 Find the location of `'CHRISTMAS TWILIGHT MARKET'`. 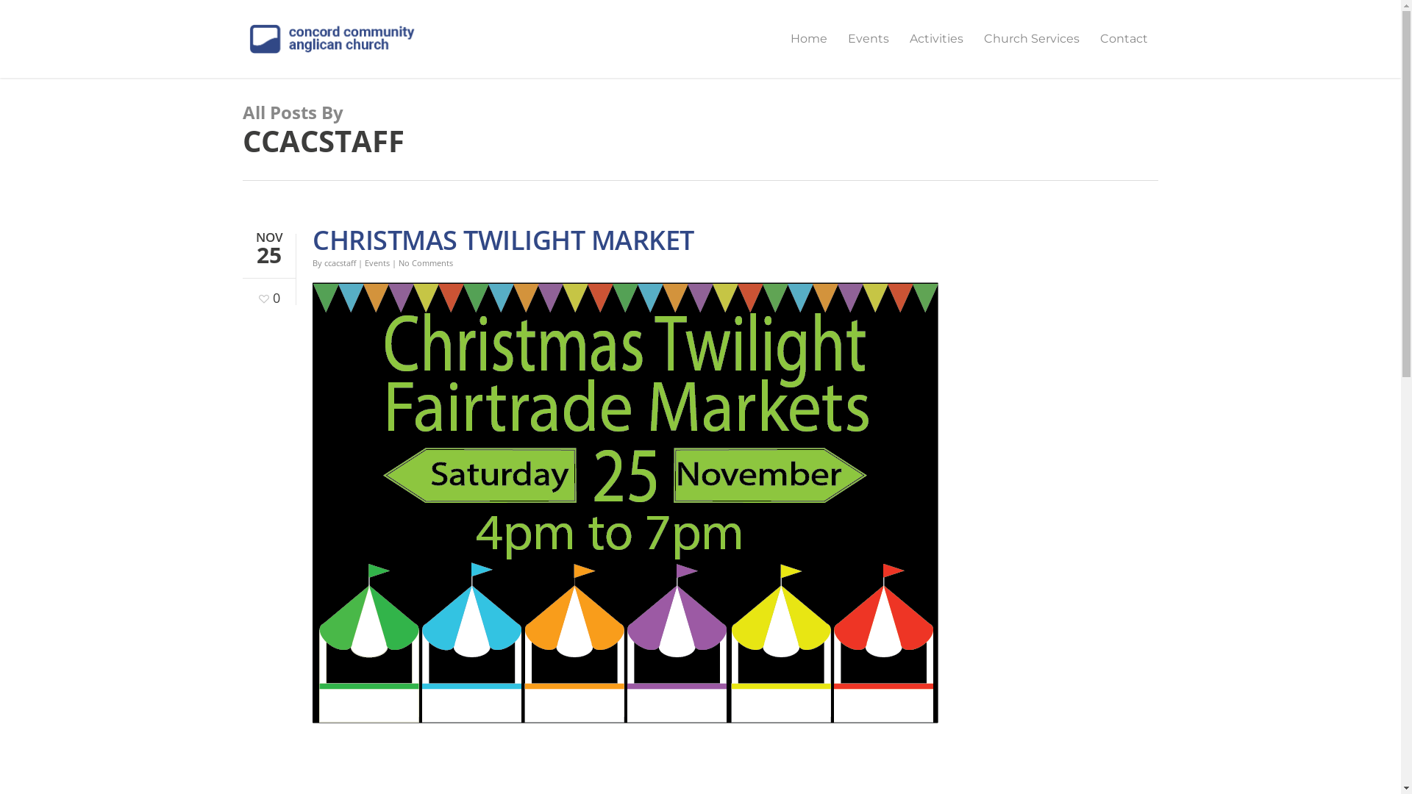

'CHRISTMAS TWILIGHT MARKET' is located at coordinates (503, 239).